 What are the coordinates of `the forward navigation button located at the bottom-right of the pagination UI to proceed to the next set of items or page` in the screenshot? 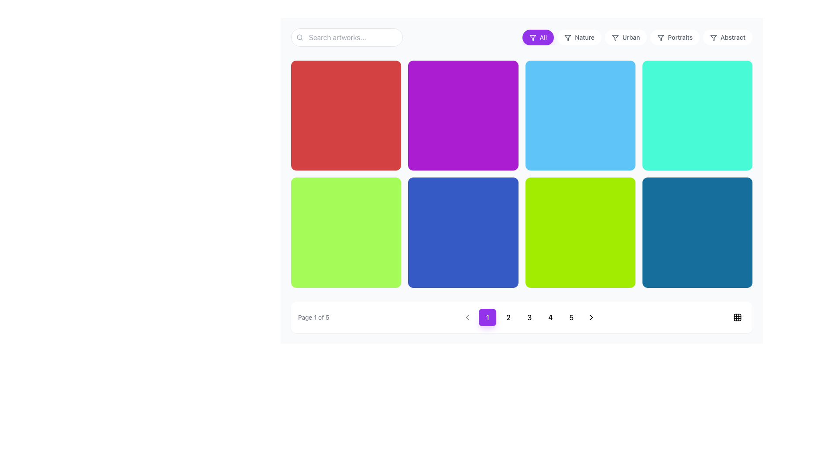 It's located at (591, 317).